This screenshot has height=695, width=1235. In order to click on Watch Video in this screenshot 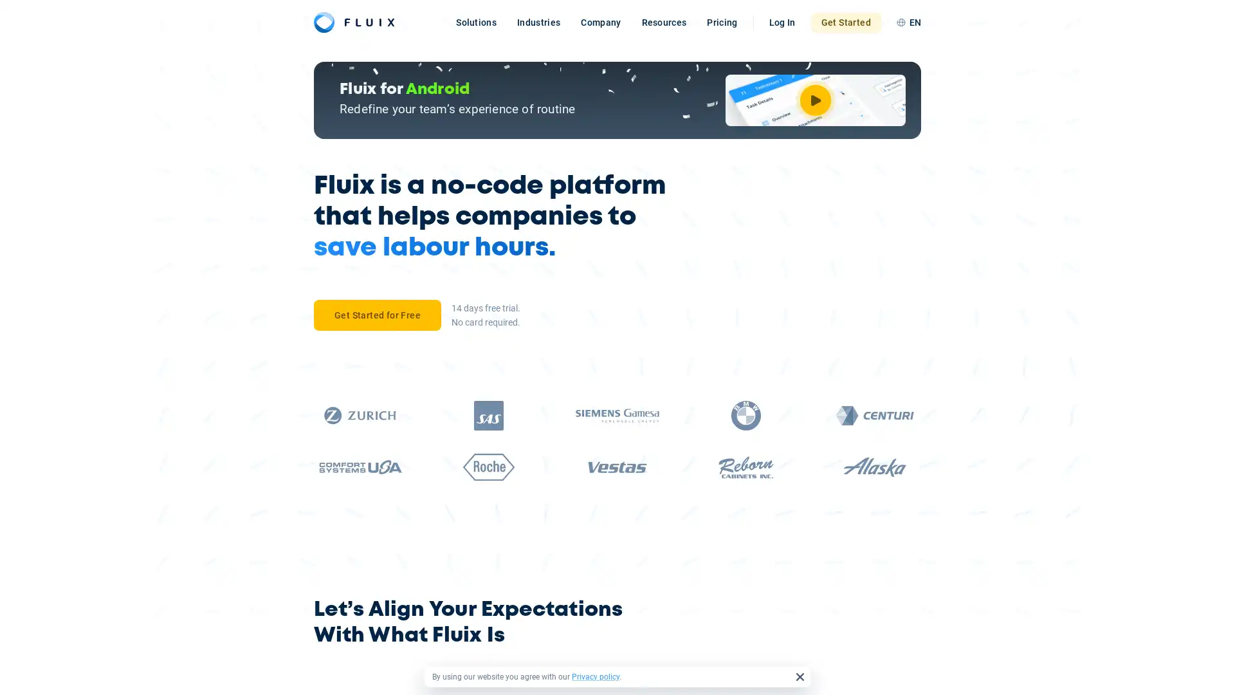, I will do `click(814, 99)`.